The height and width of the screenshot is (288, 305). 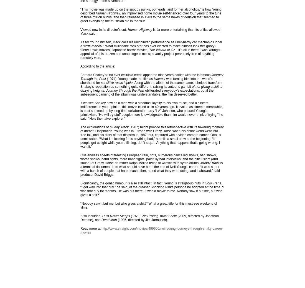 What do you see at coordinates (148, 47) in the screenshot?
I see `'goofy? “Jerry Lewis movies, Japanese horror movies,'` at bounding box center [148, 47].